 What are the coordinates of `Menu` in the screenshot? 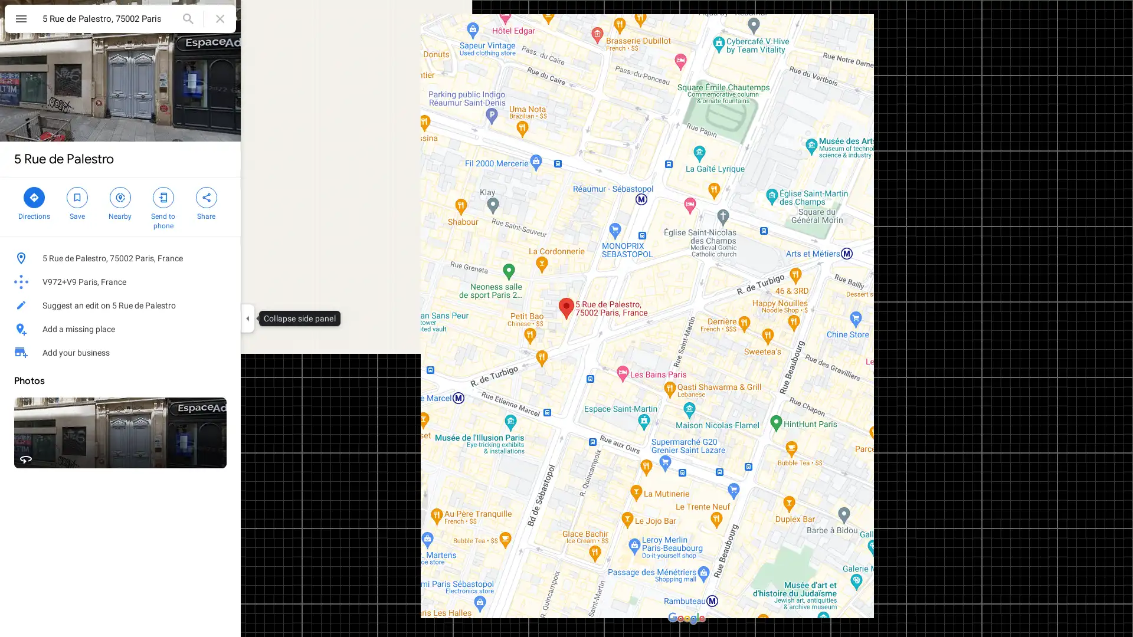 It's located at (21, 20).